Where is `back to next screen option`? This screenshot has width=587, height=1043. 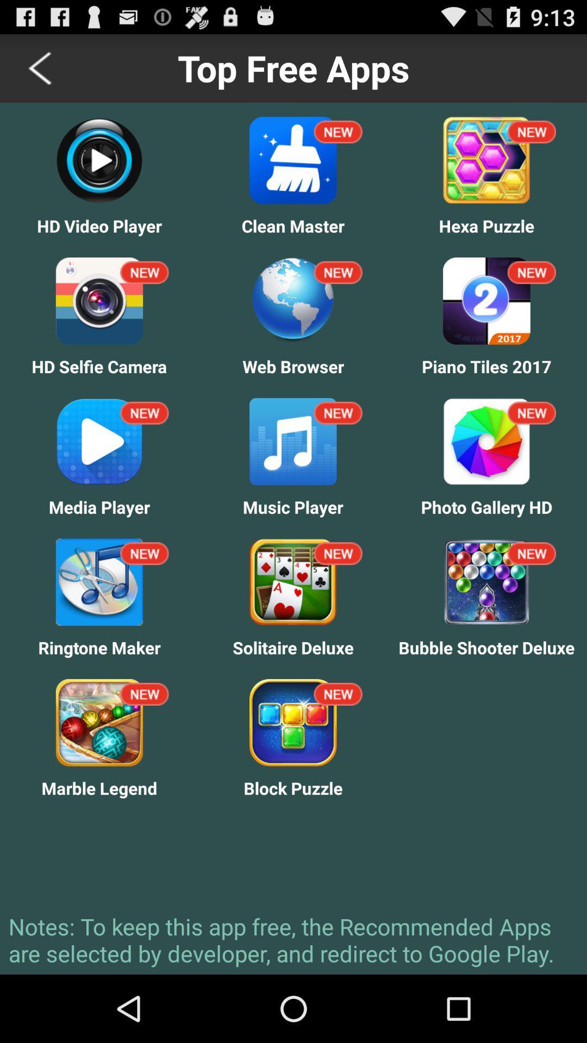
back to next screen option is located at coordinates (41, 67).